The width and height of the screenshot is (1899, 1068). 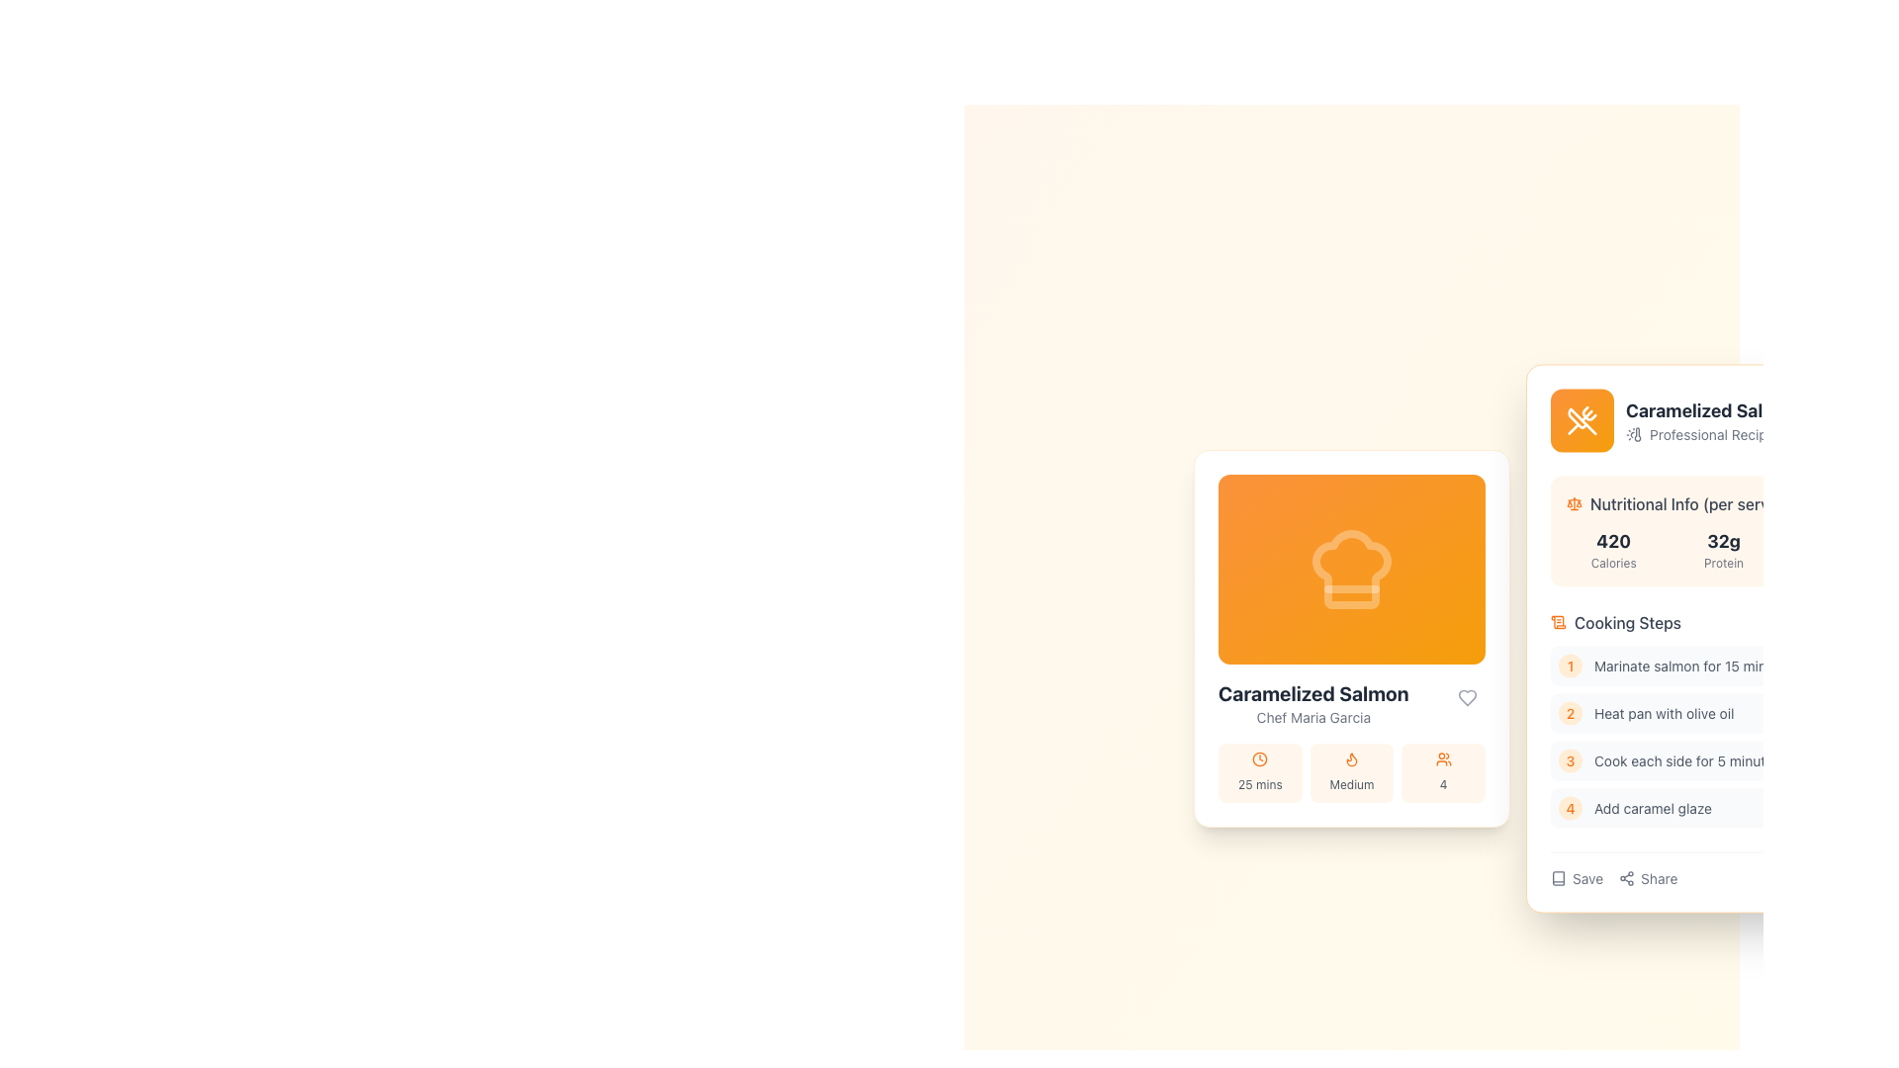 What do you see at coordinates (1711, 433) in the screenshot?
I see `the gray text label displaying 'Professional Recipe' located to the right of the orange culinary tools icon in the header section of the recipe card` at bounding box center [1711, 433].